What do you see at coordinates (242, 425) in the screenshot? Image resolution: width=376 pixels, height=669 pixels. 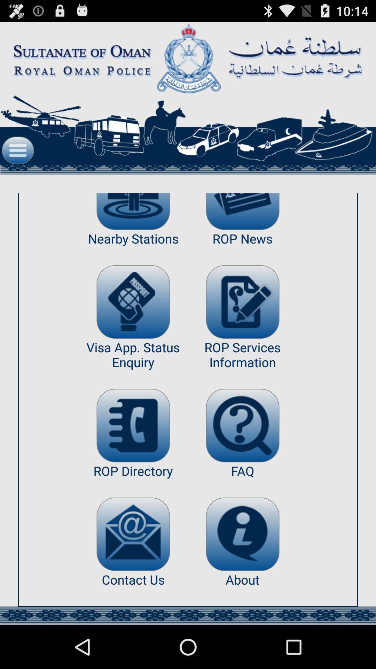 I see `the app below the rop services information` at bounding box center [242, 425].